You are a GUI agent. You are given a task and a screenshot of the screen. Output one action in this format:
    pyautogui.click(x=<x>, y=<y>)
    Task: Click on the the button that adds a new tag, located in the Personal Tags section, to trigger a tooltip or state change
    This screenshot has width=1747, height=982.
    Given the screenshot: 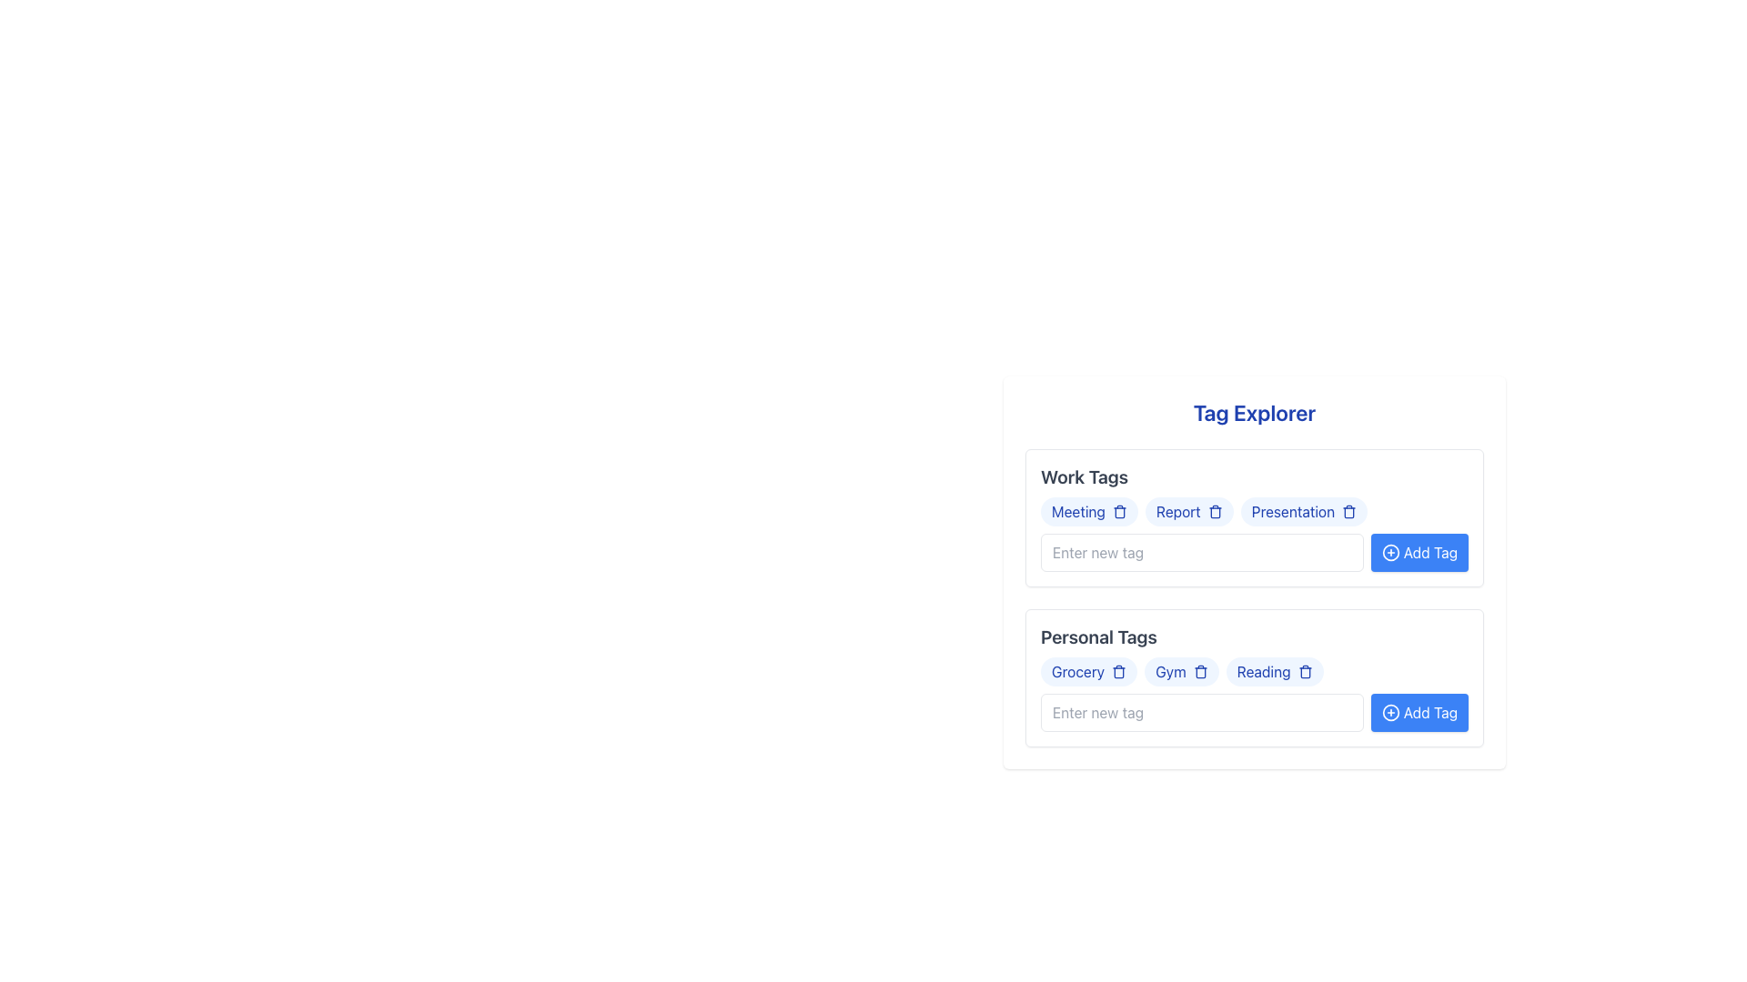 What is the action you would take?
    pyautogui.click(x=1419, y=711)
    